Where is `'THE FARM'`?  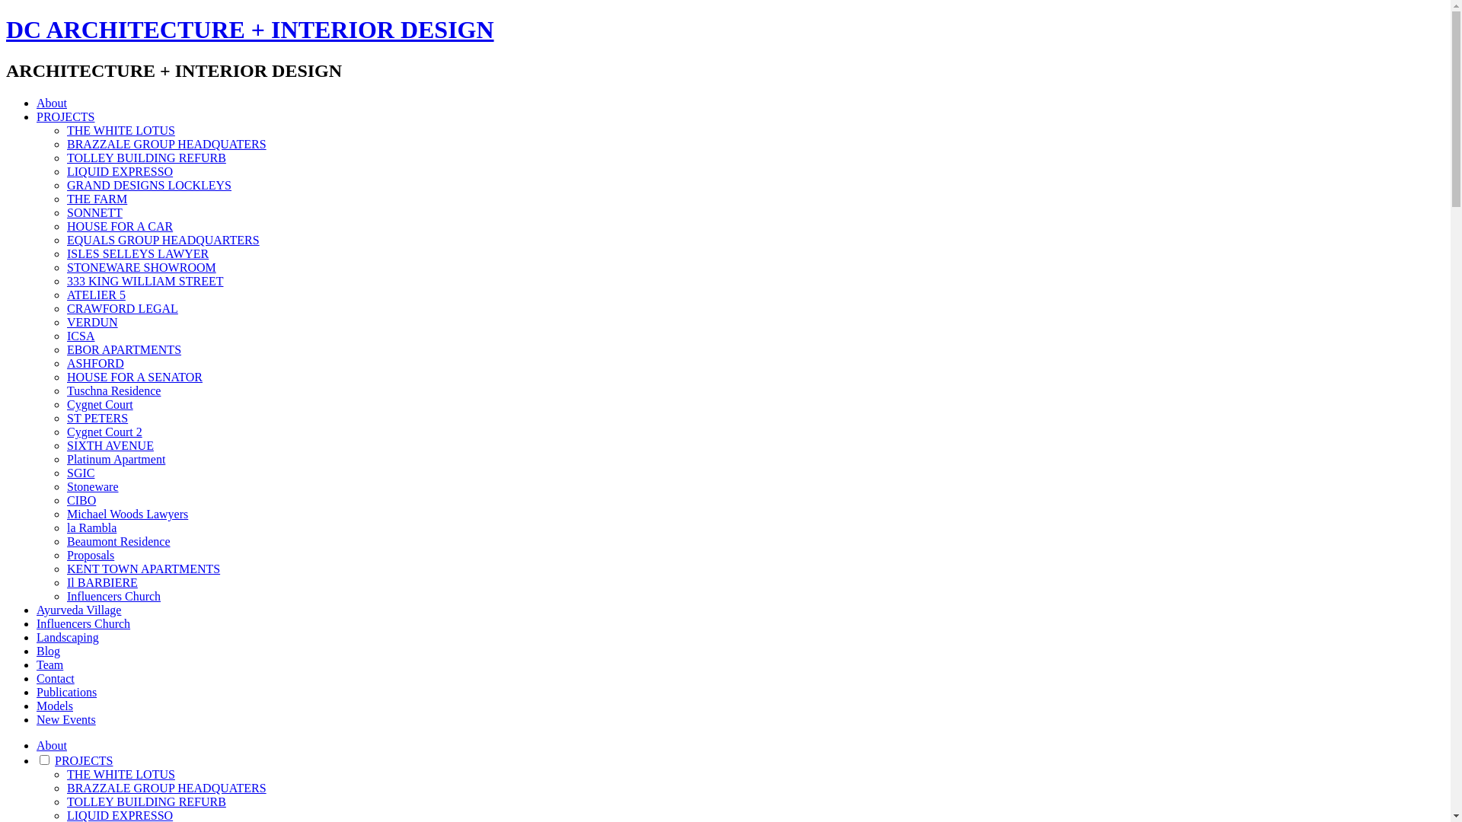
'THE FARM' is located at coordinates (96, 198).